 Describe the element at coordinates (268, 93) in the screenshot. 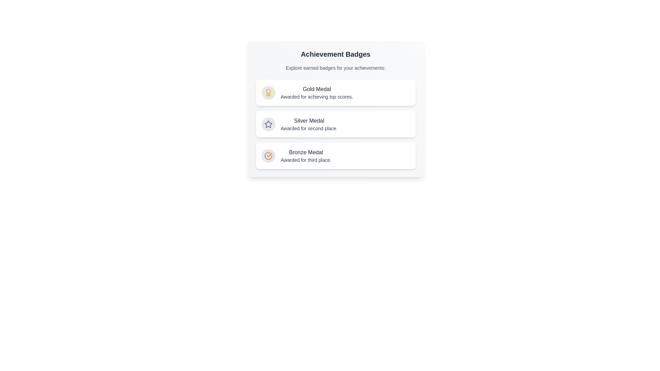

I see `the gold medal icon, which represents the highest achievement and is located to the left of the 'Gold Medal' text in the first item of a vertical list of achievement badges` at that location.